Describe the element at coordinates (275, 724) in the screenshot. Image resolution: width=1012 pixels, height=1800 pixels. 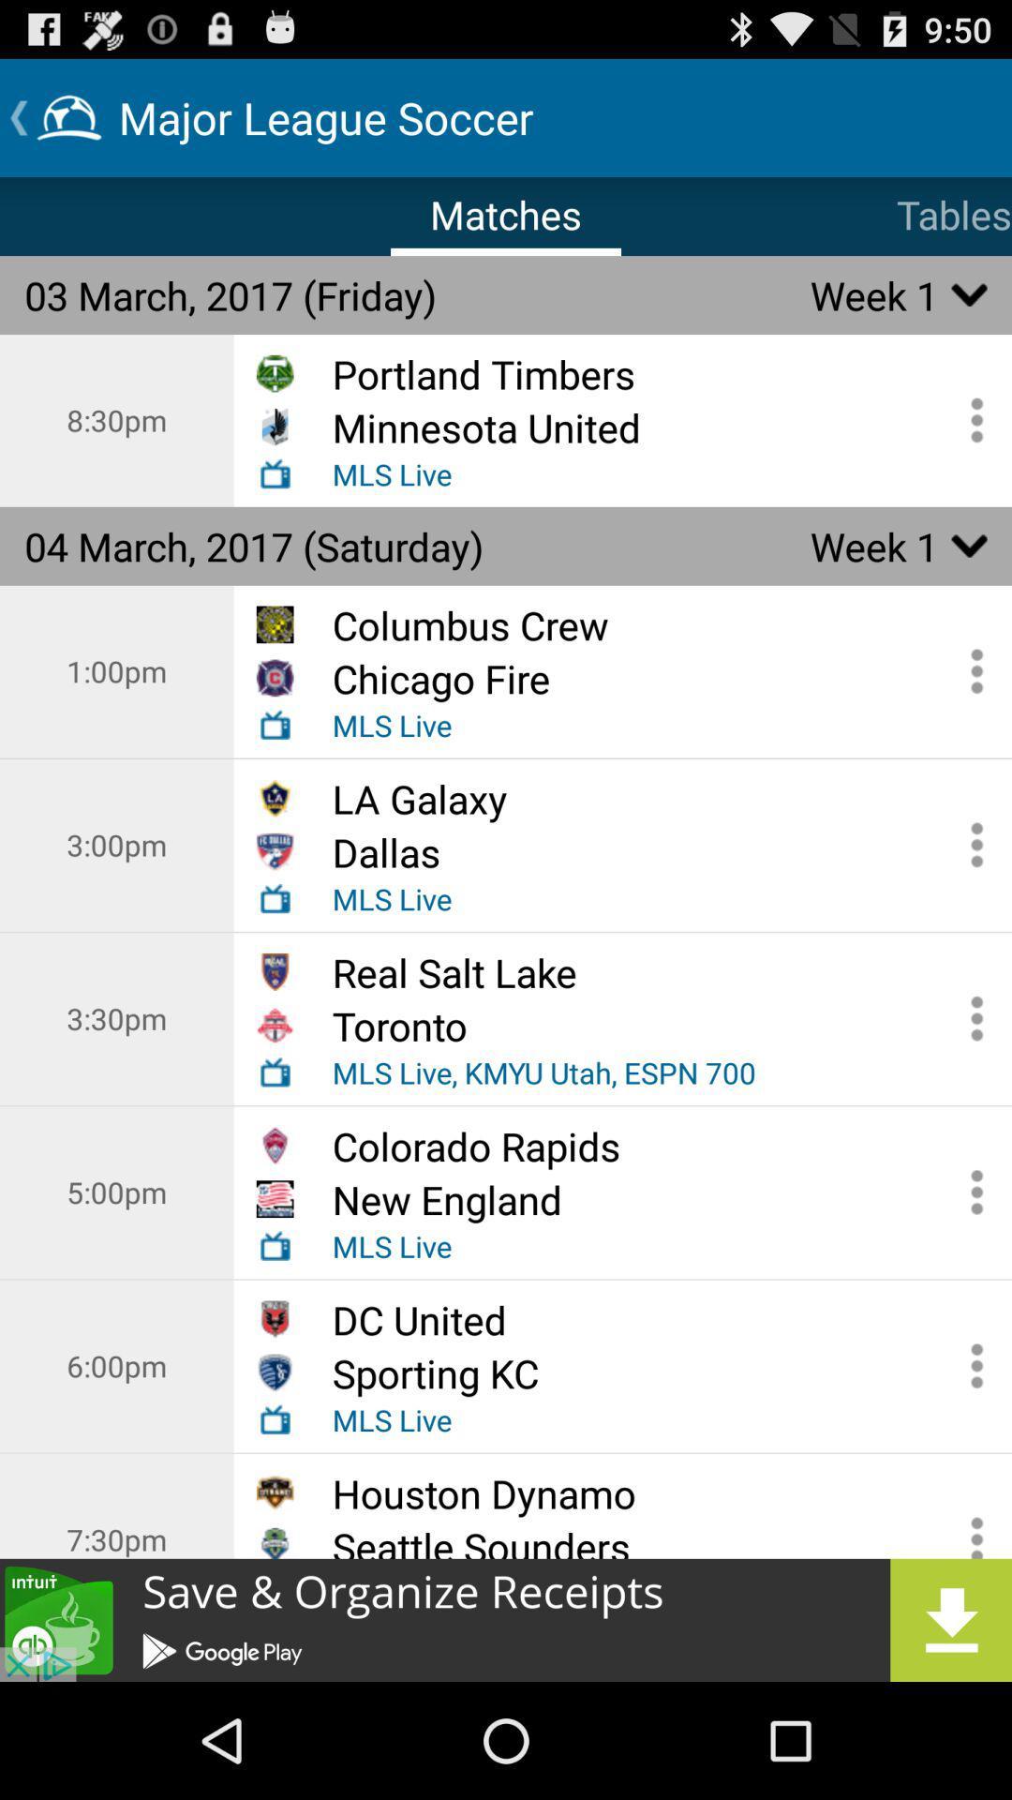
I see `the radio icon which is  below the chicago fire icon` at that location.